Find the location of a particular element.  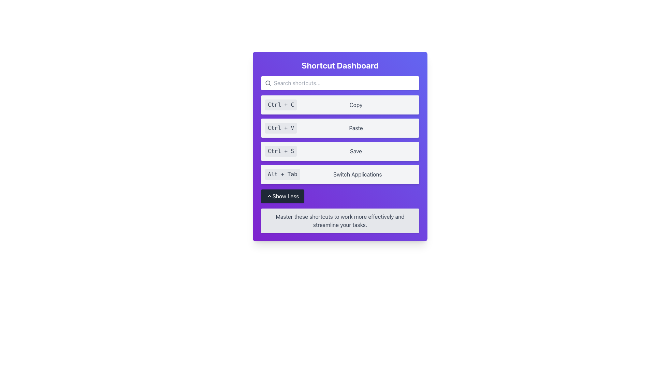

the text label displaying 'Alt + Tab', which has a light-gray background and dark-gray text, styled to represent a keyboard shortcut is located at coordinates (282, 174).